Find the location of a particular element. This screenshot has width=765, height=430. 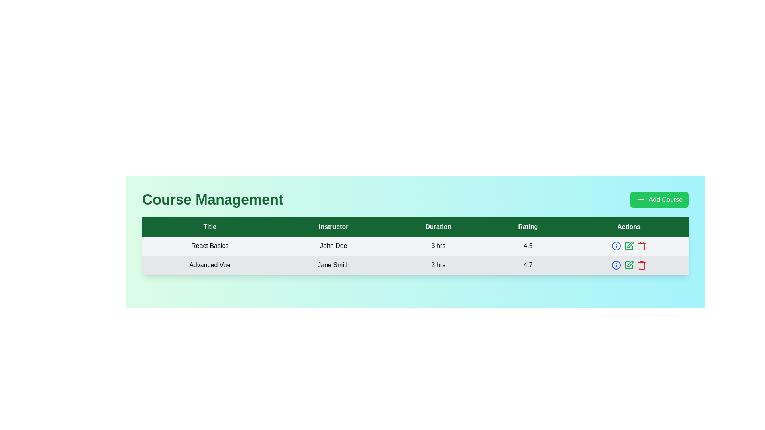

the green edit icon resembling a pen on a square in the Actions column of the React Basics course row to initiate edit mode is located at coordinates (630, 264).